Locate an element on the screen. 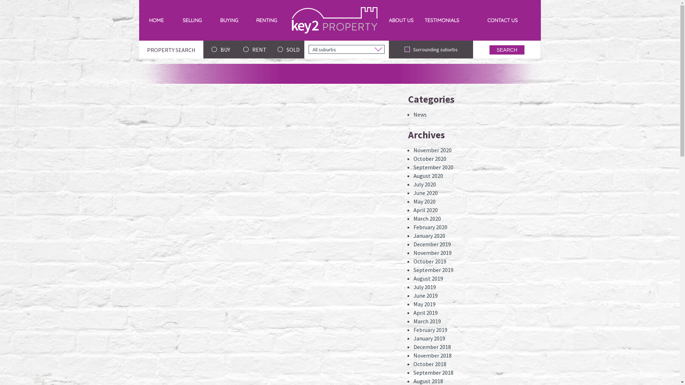 This screenshot has height=385, width=685. 'ABOUT US' is located at coordinates (401, 20).